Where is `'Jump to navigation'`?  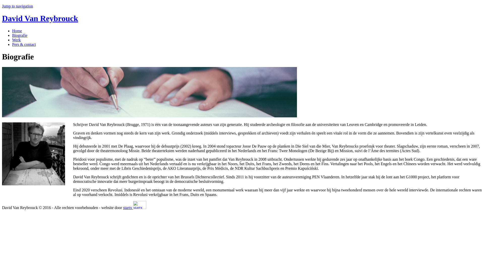 'Jump to navigation' is located at coordinates (2, 6).